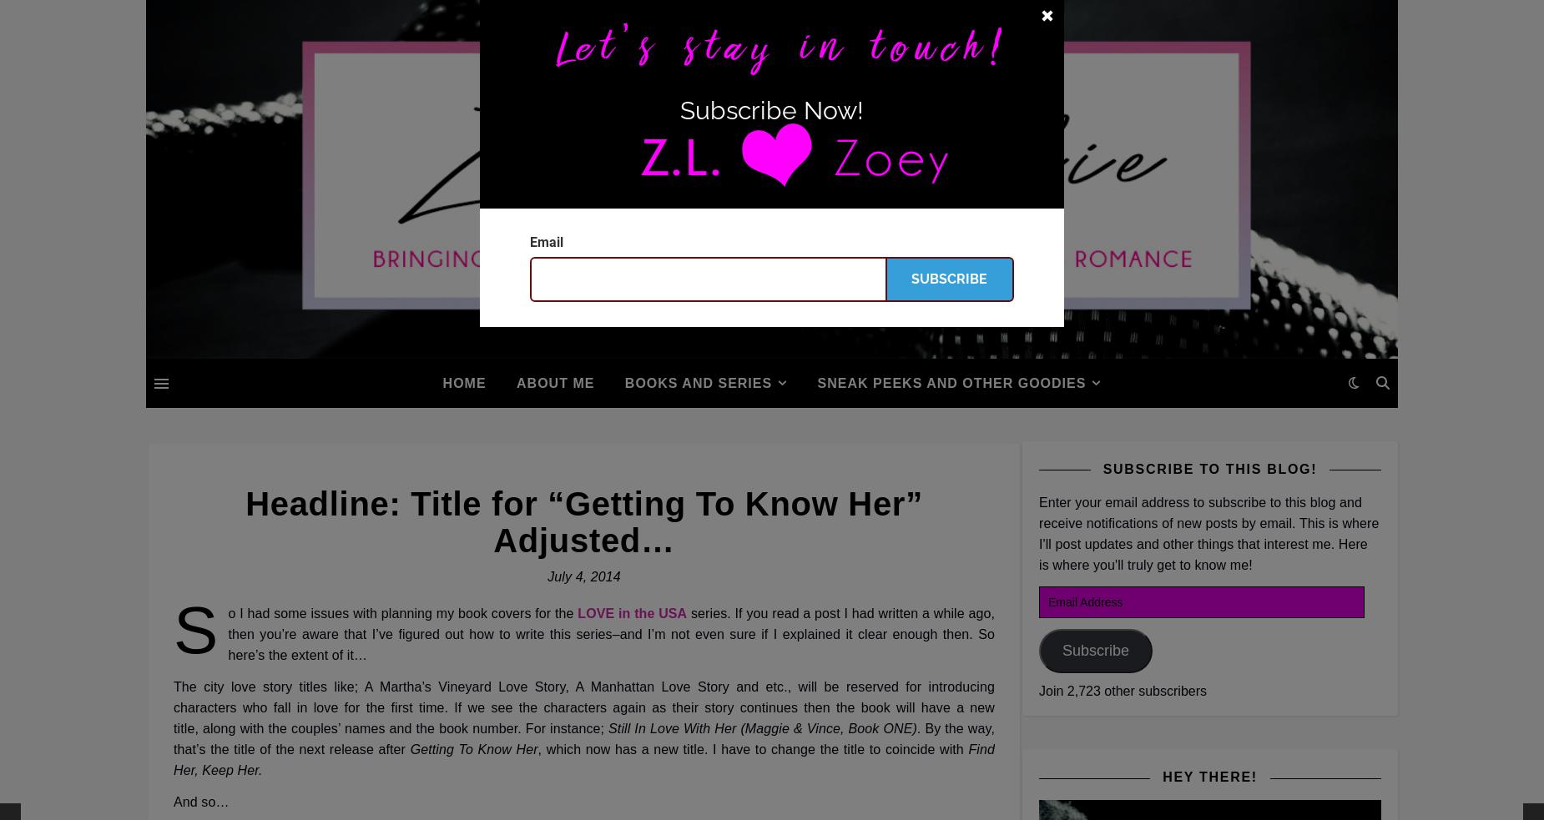 This screenshot has height=820, width=1544. Describe the element at coordinates (473, 749) in the screenshot. I see `'Getting To Know Her'` at that location.